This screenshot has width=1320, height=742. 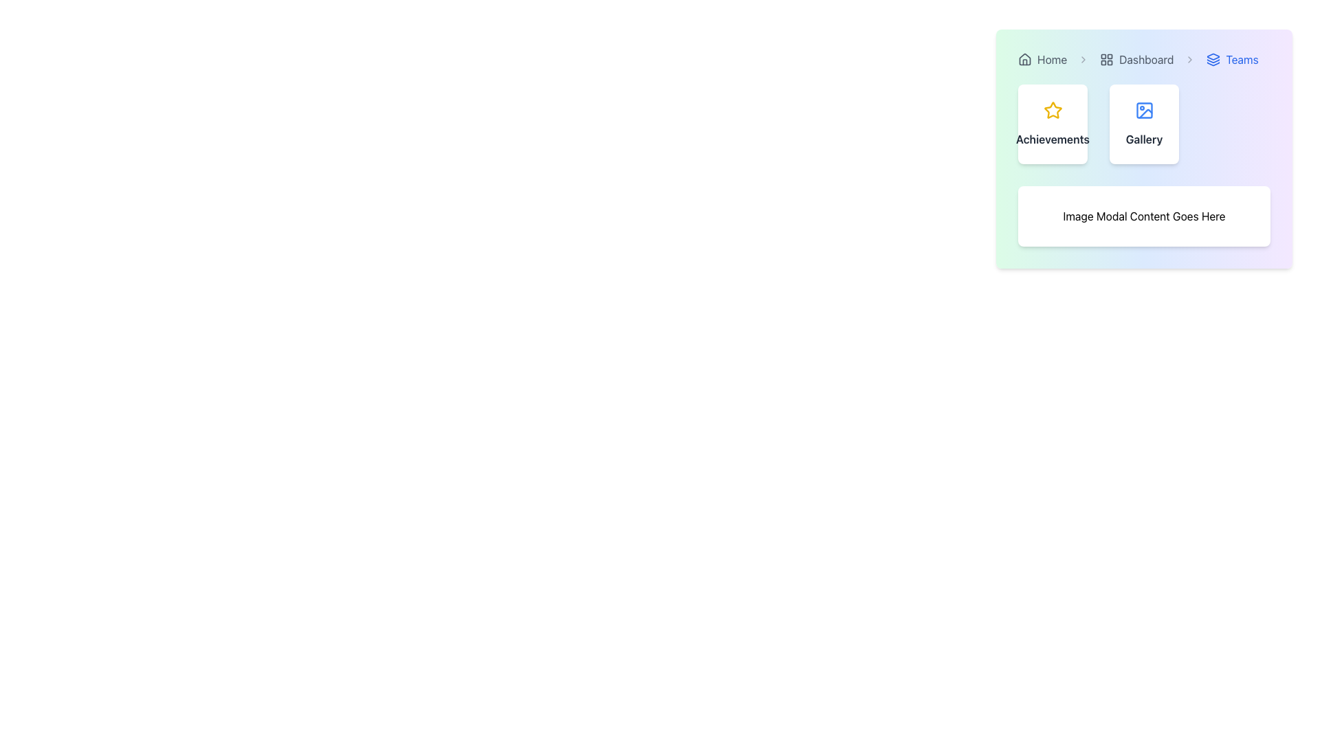 What do you see at coordinates (1052, 109) in the screenshot?
I see `the yellow star-shaped icon located in the top-right section of the interface within the 'Achievements' card` at bounding box center [1052, 109].